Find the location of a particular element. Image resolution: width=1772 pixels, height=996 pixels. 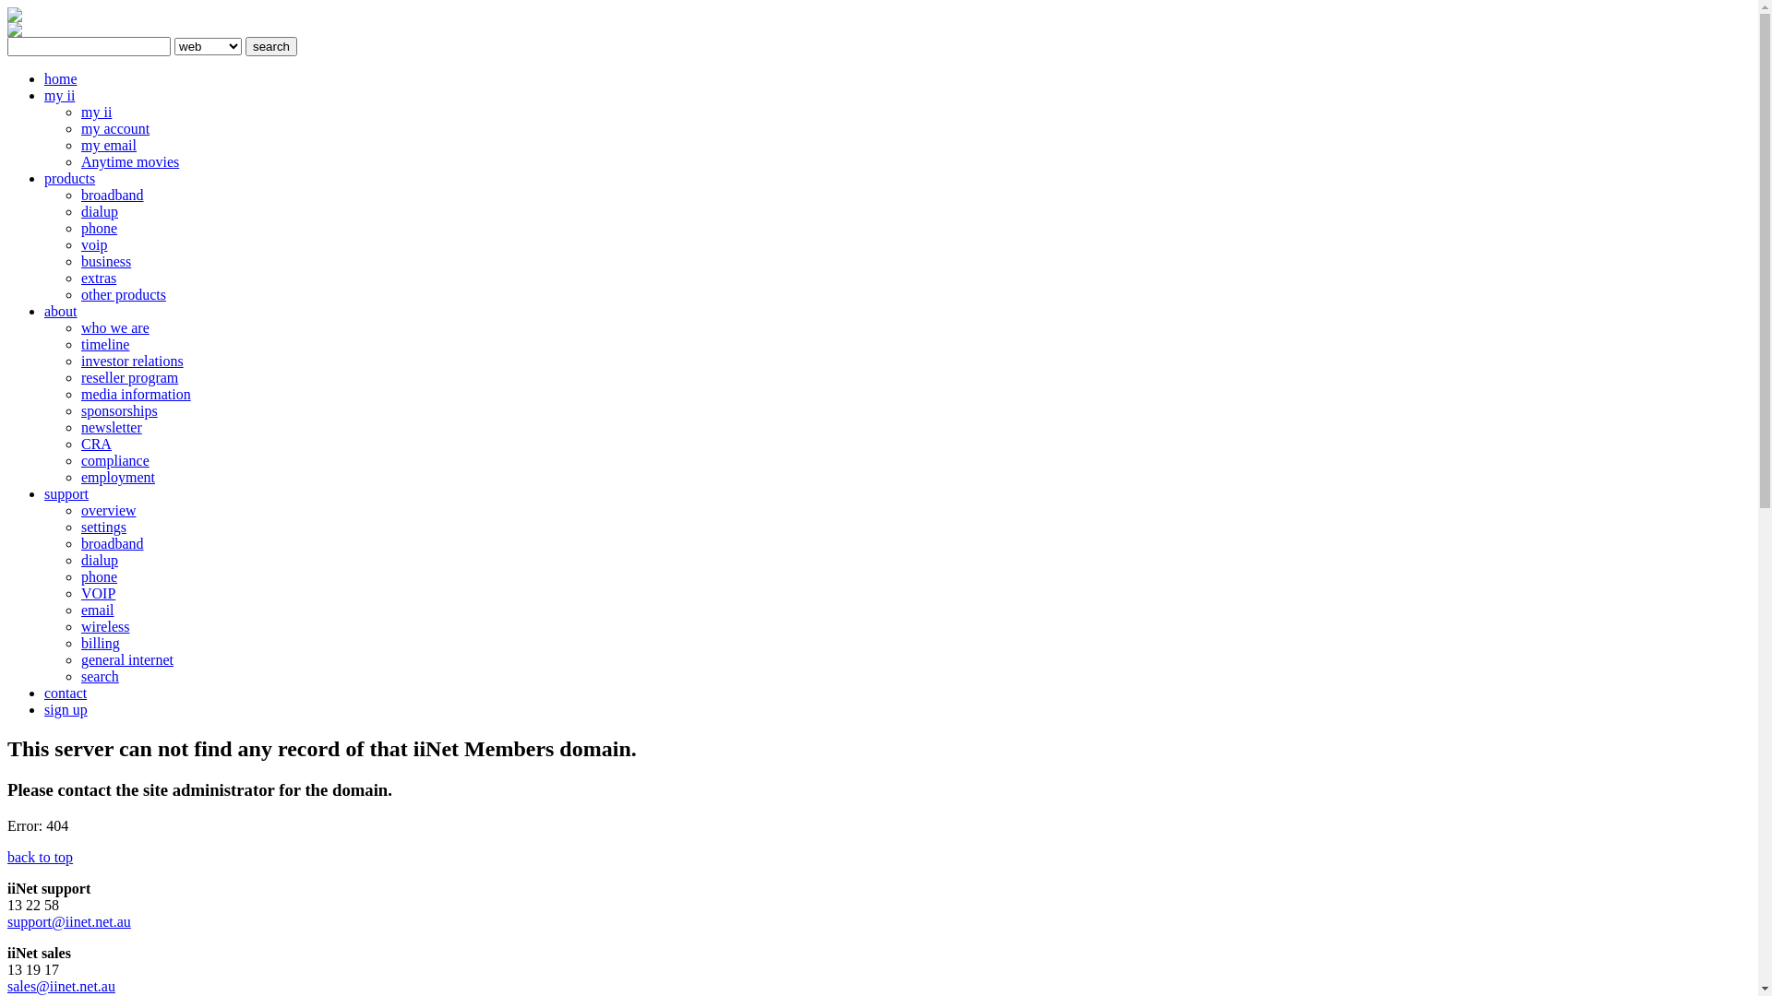

'email' is located at coordinates (96, 610).